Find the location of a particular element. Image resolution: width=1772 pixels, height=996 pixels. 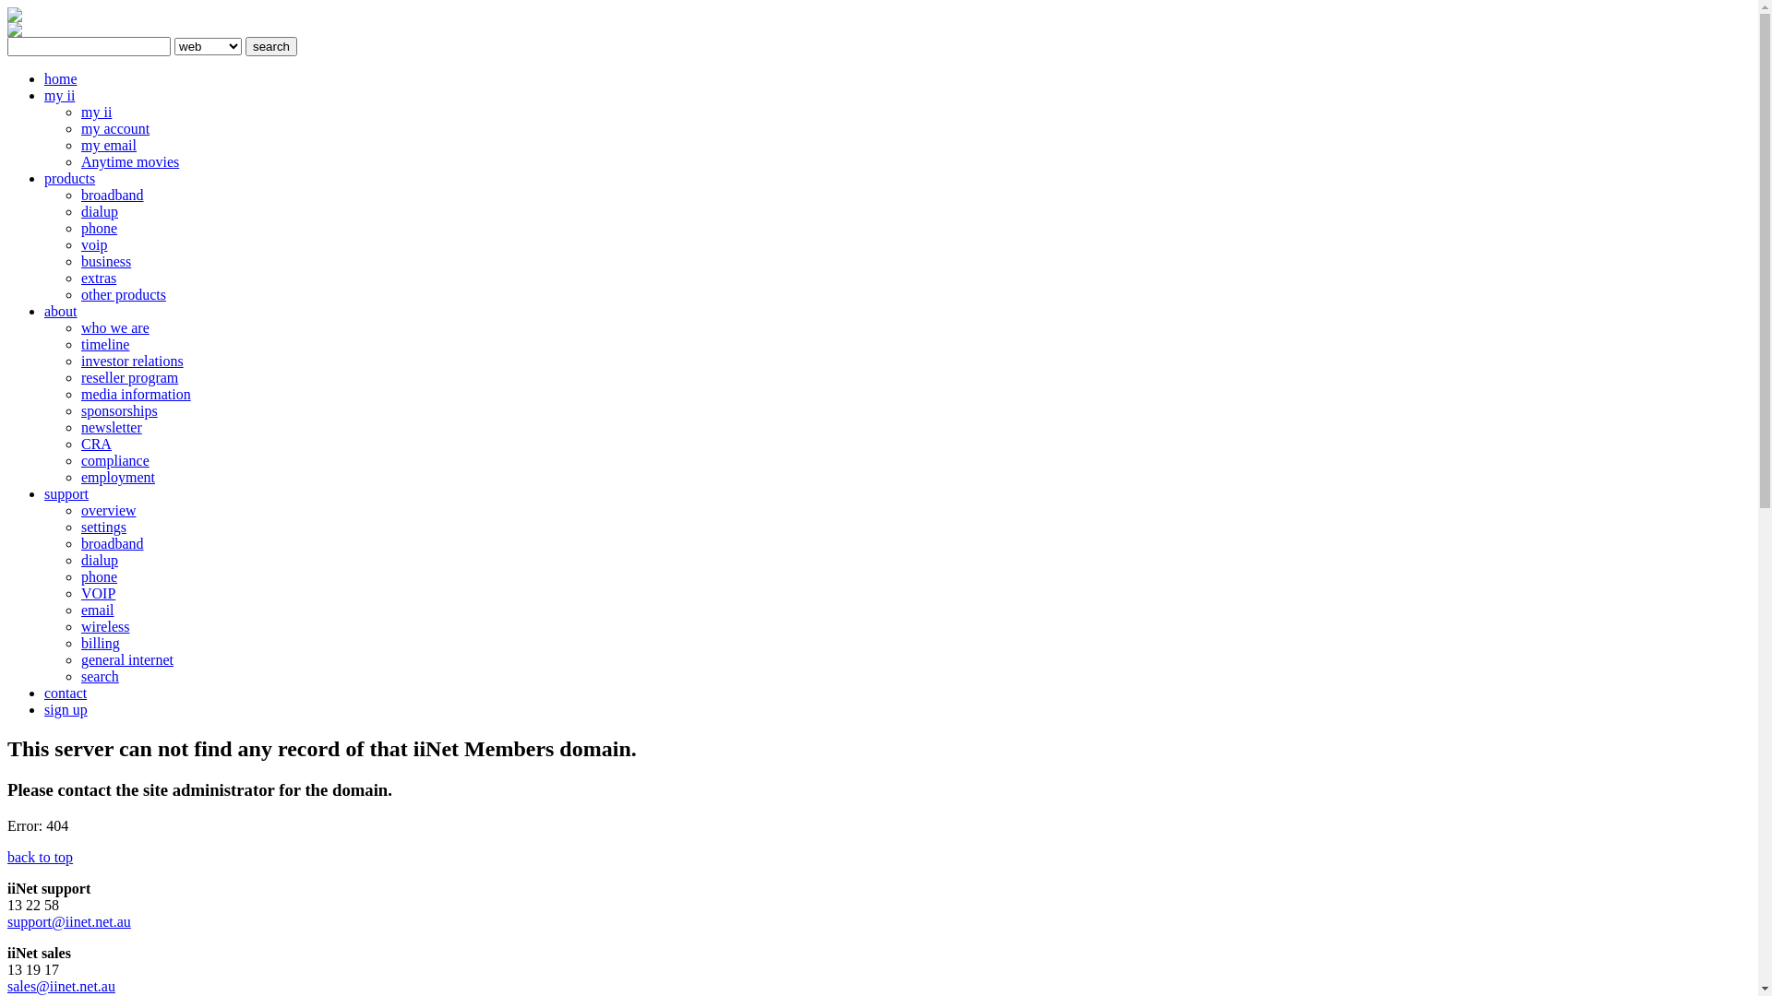

'email' is located at coordinates (96, 610).